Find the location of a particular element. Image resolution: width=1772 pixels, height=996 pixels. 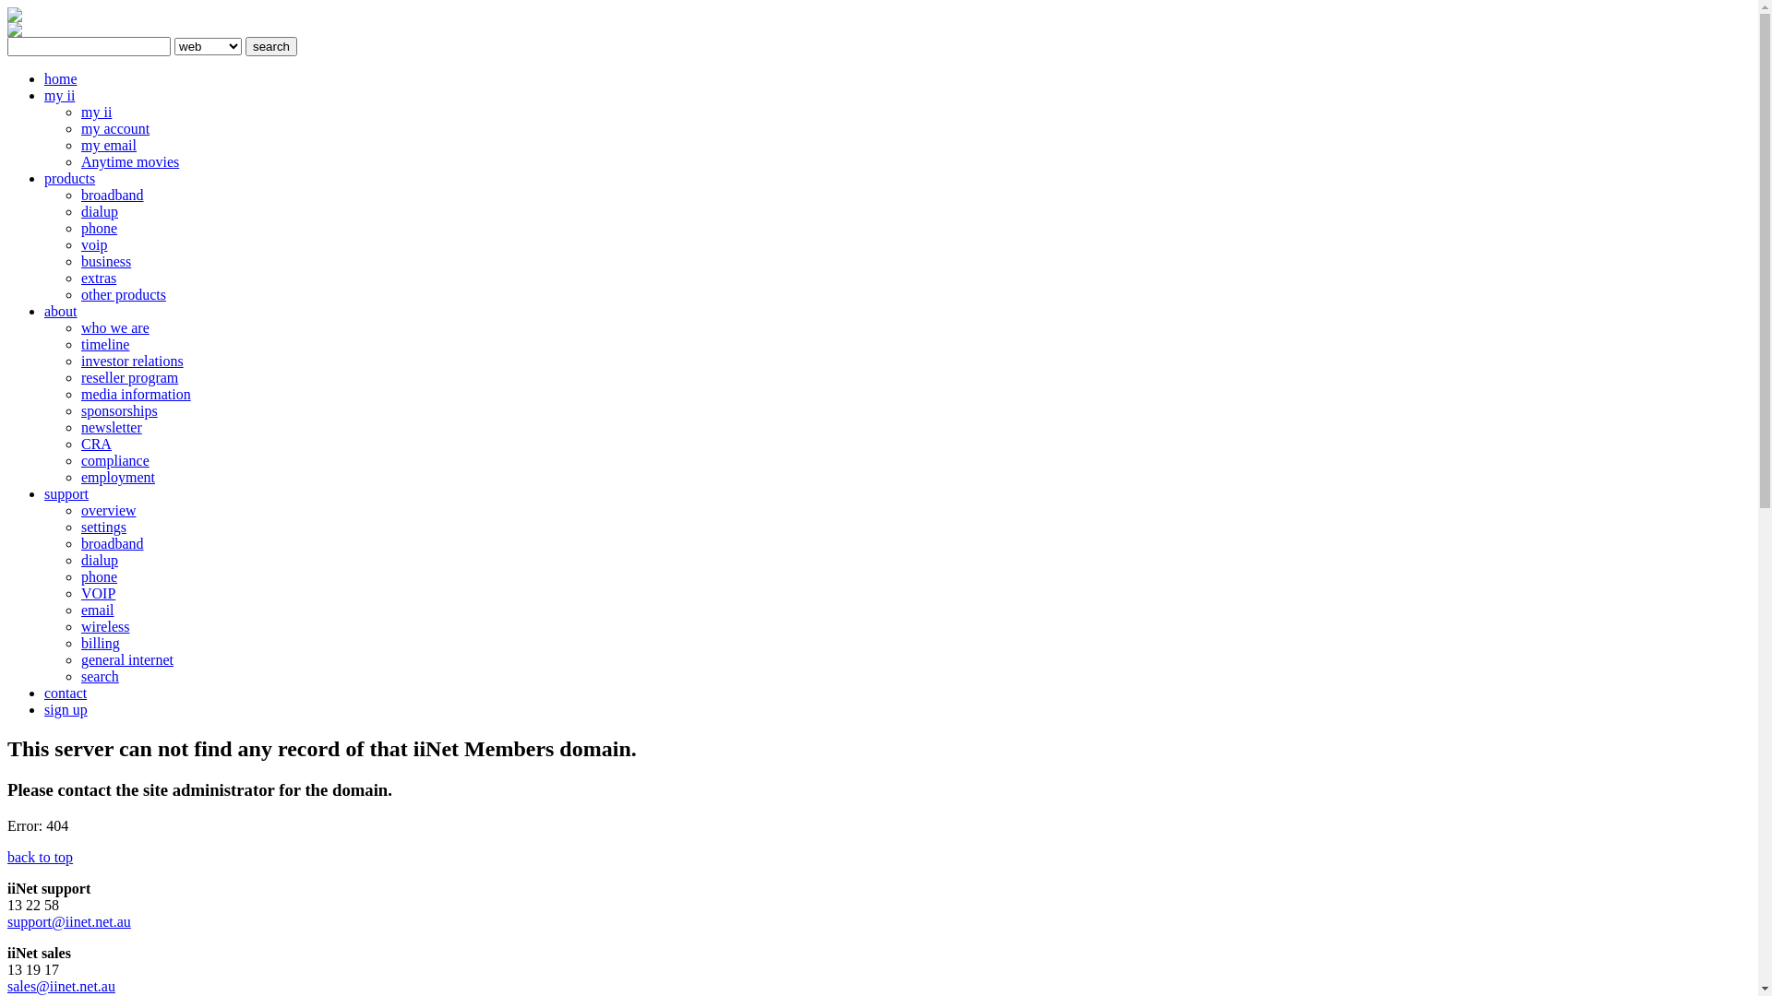

'email' is located at coordinates (96, 610).